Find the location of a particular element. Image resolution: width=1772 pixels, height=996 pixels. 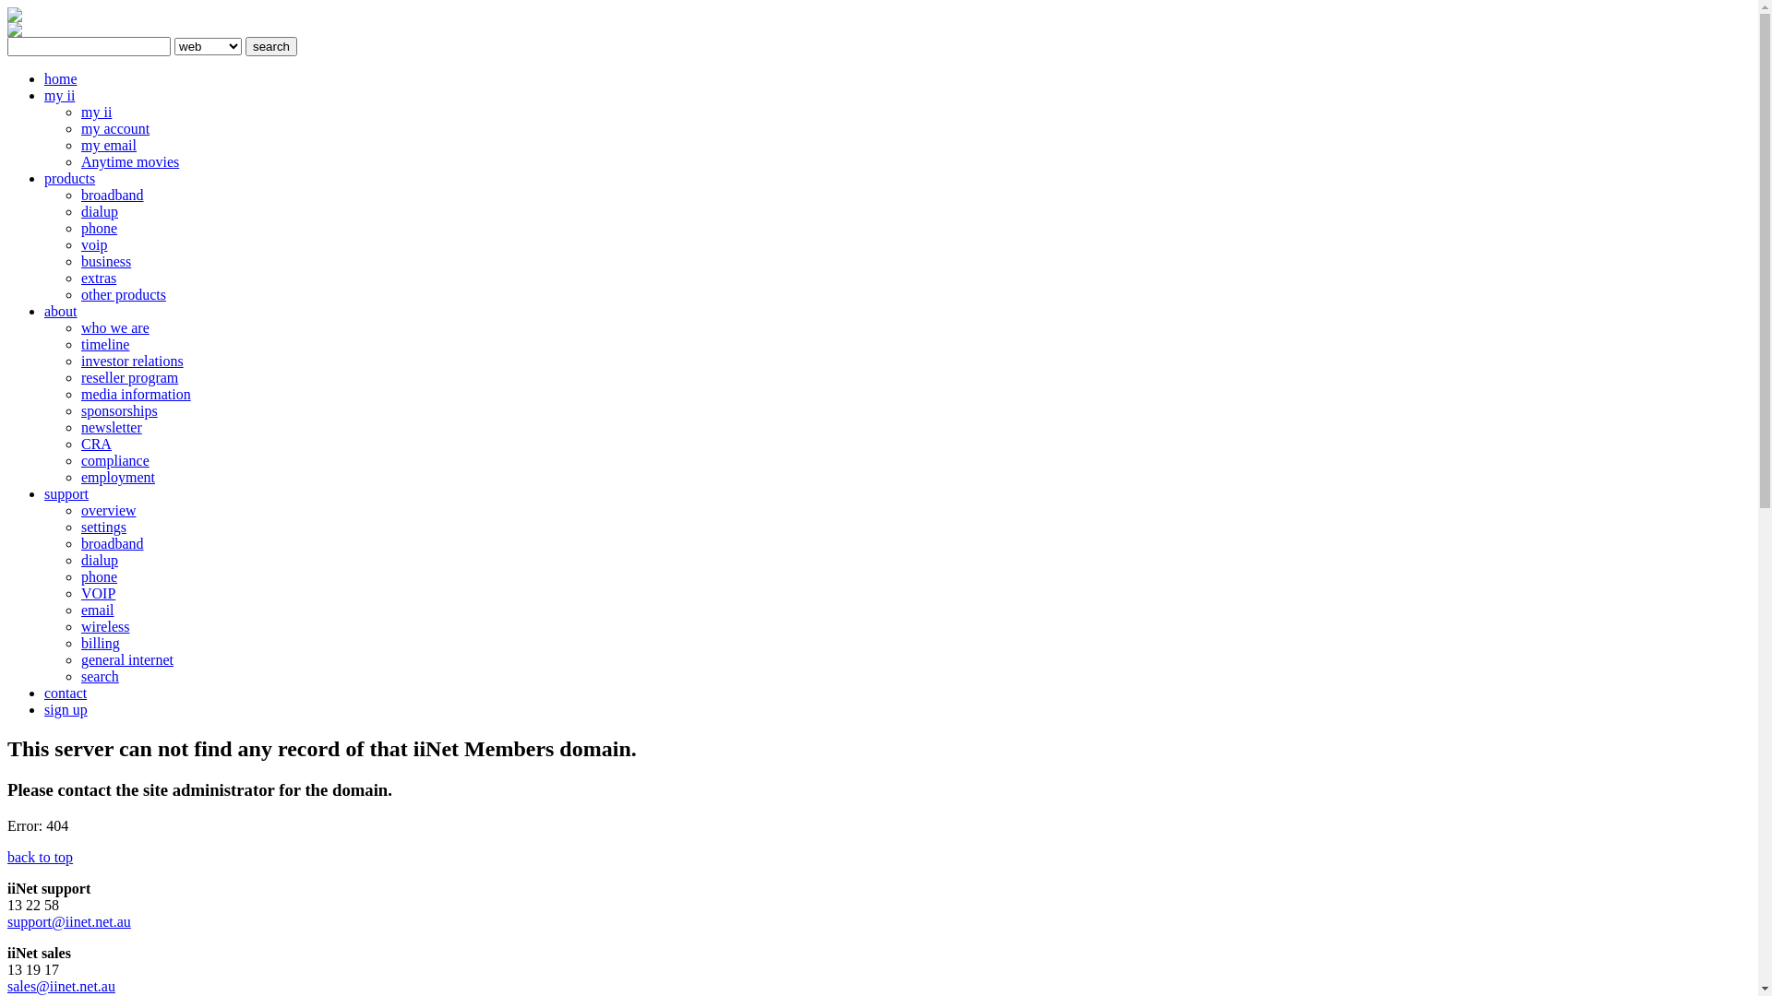

'email' is located at coordinates (96, 610).